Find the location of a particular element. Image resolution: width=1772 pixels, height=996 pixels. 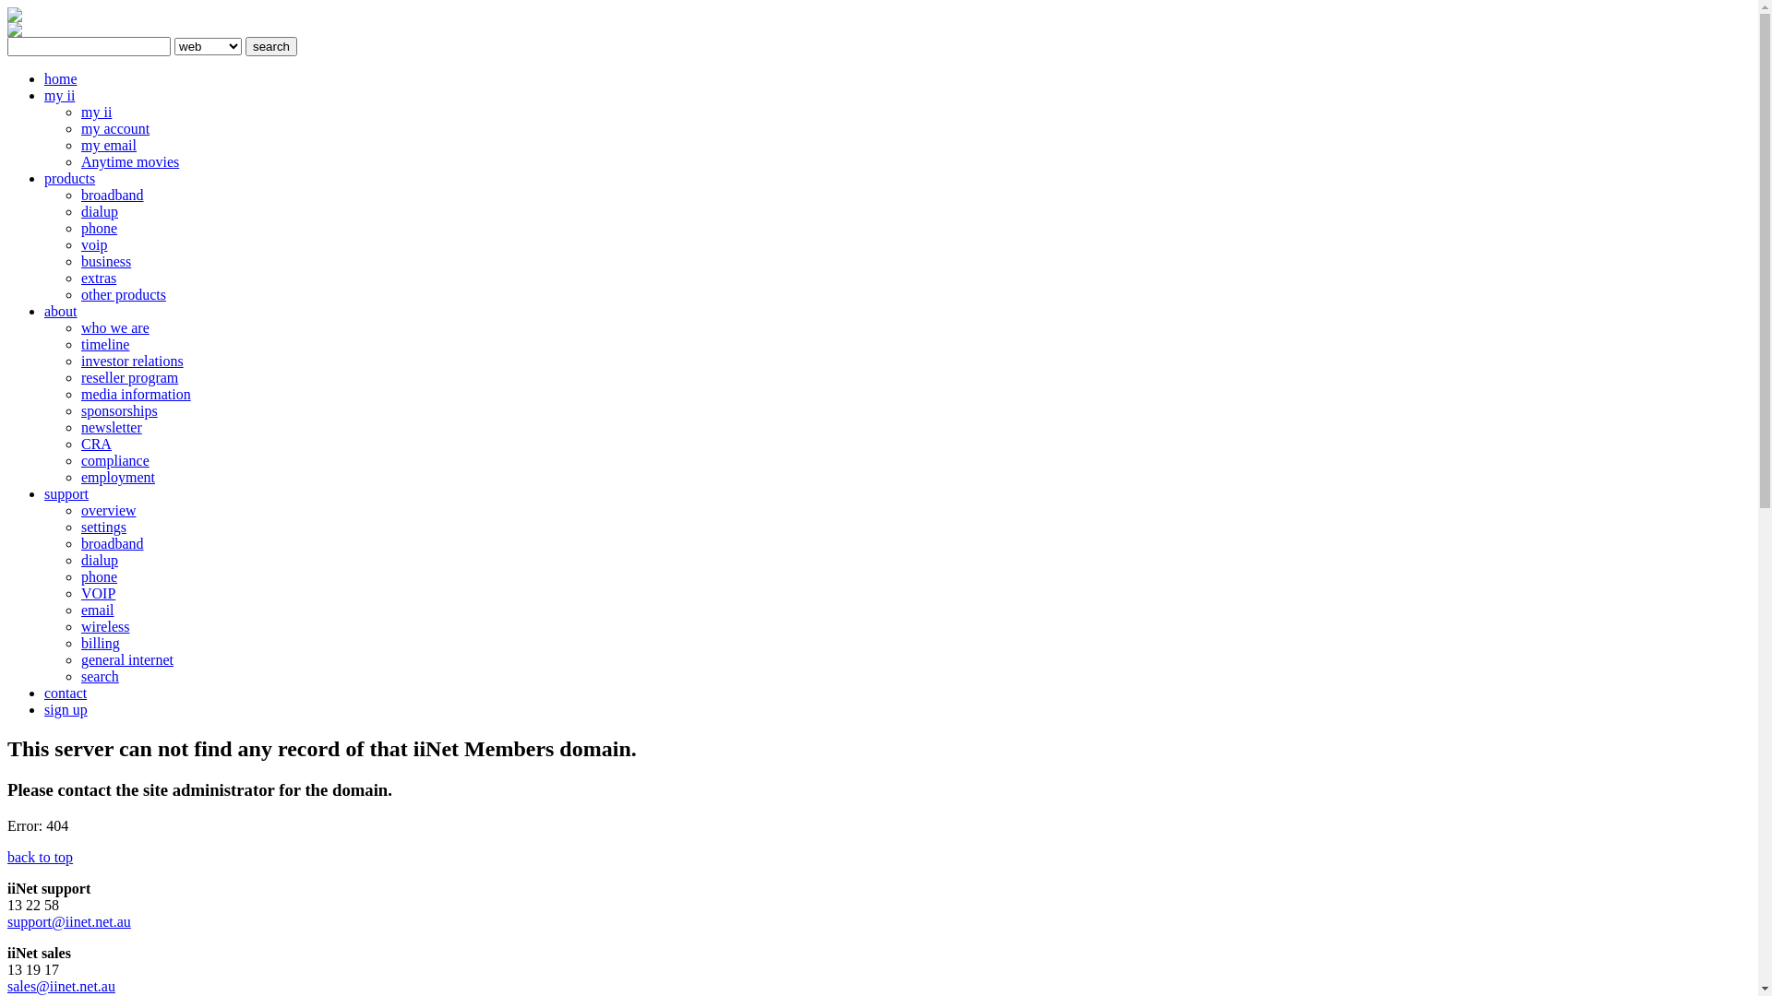

'email' is located at coordinates (96, 610).